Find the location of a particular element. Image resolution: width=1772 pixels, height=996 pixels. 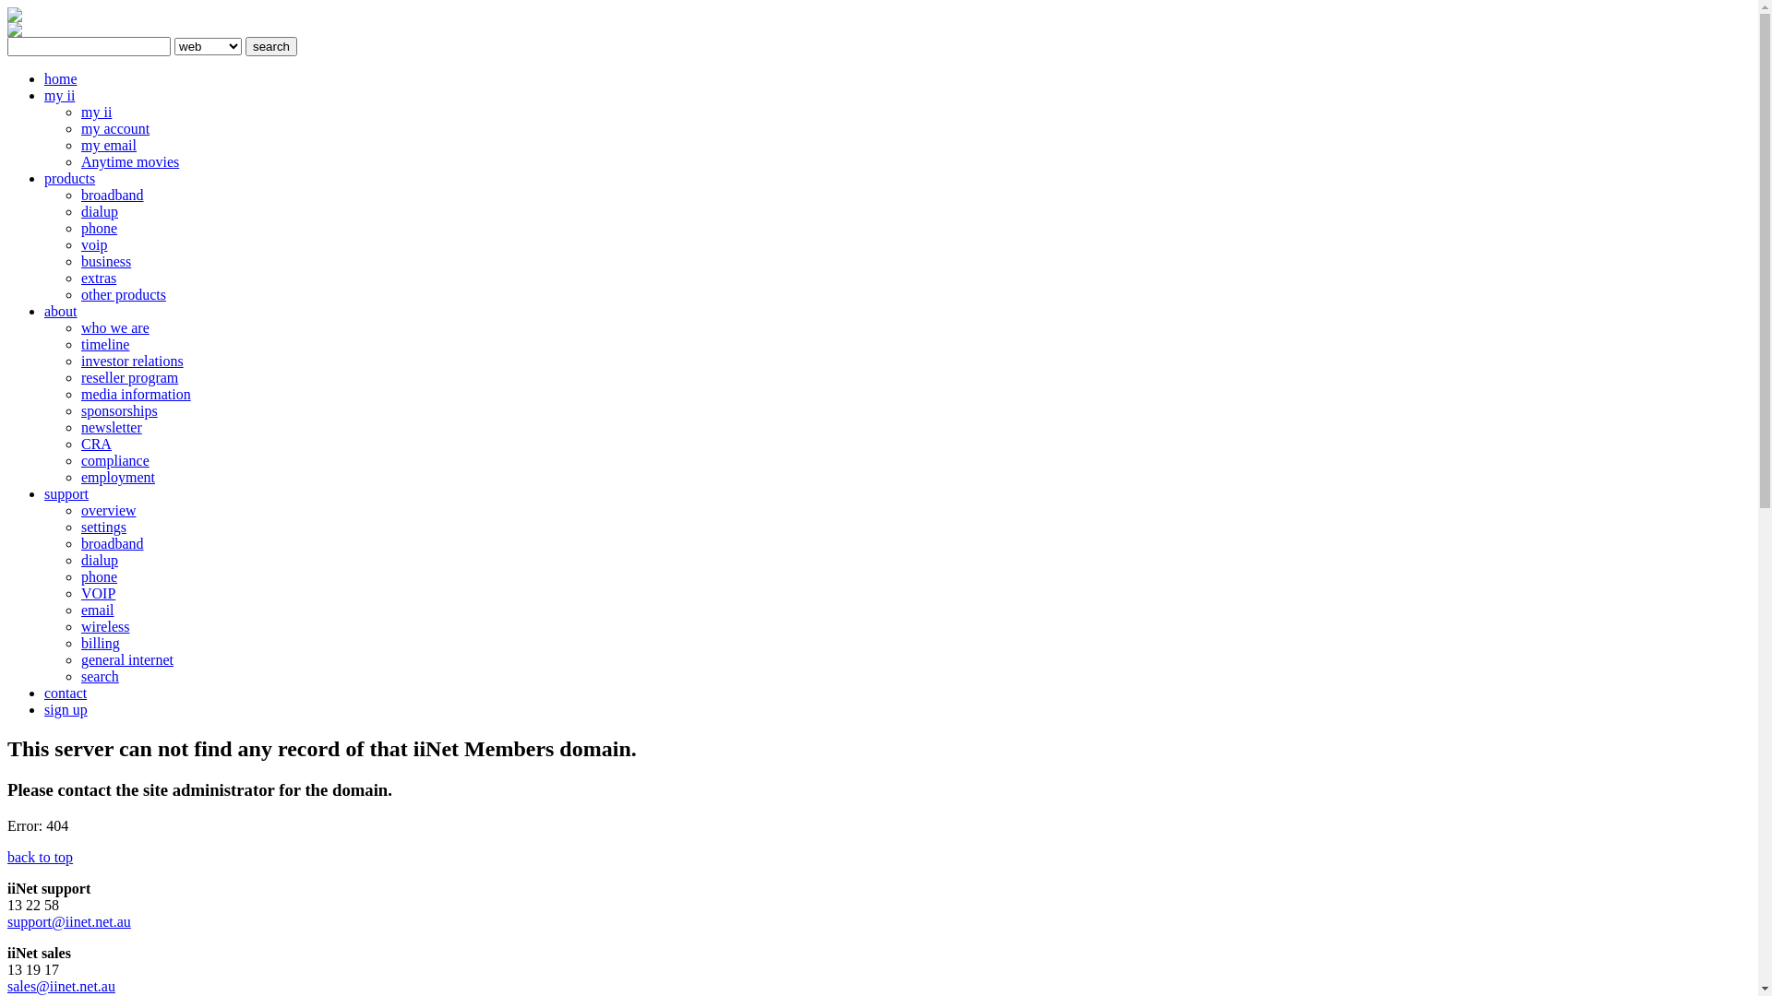

'email' is located at coordinates (96, 610).